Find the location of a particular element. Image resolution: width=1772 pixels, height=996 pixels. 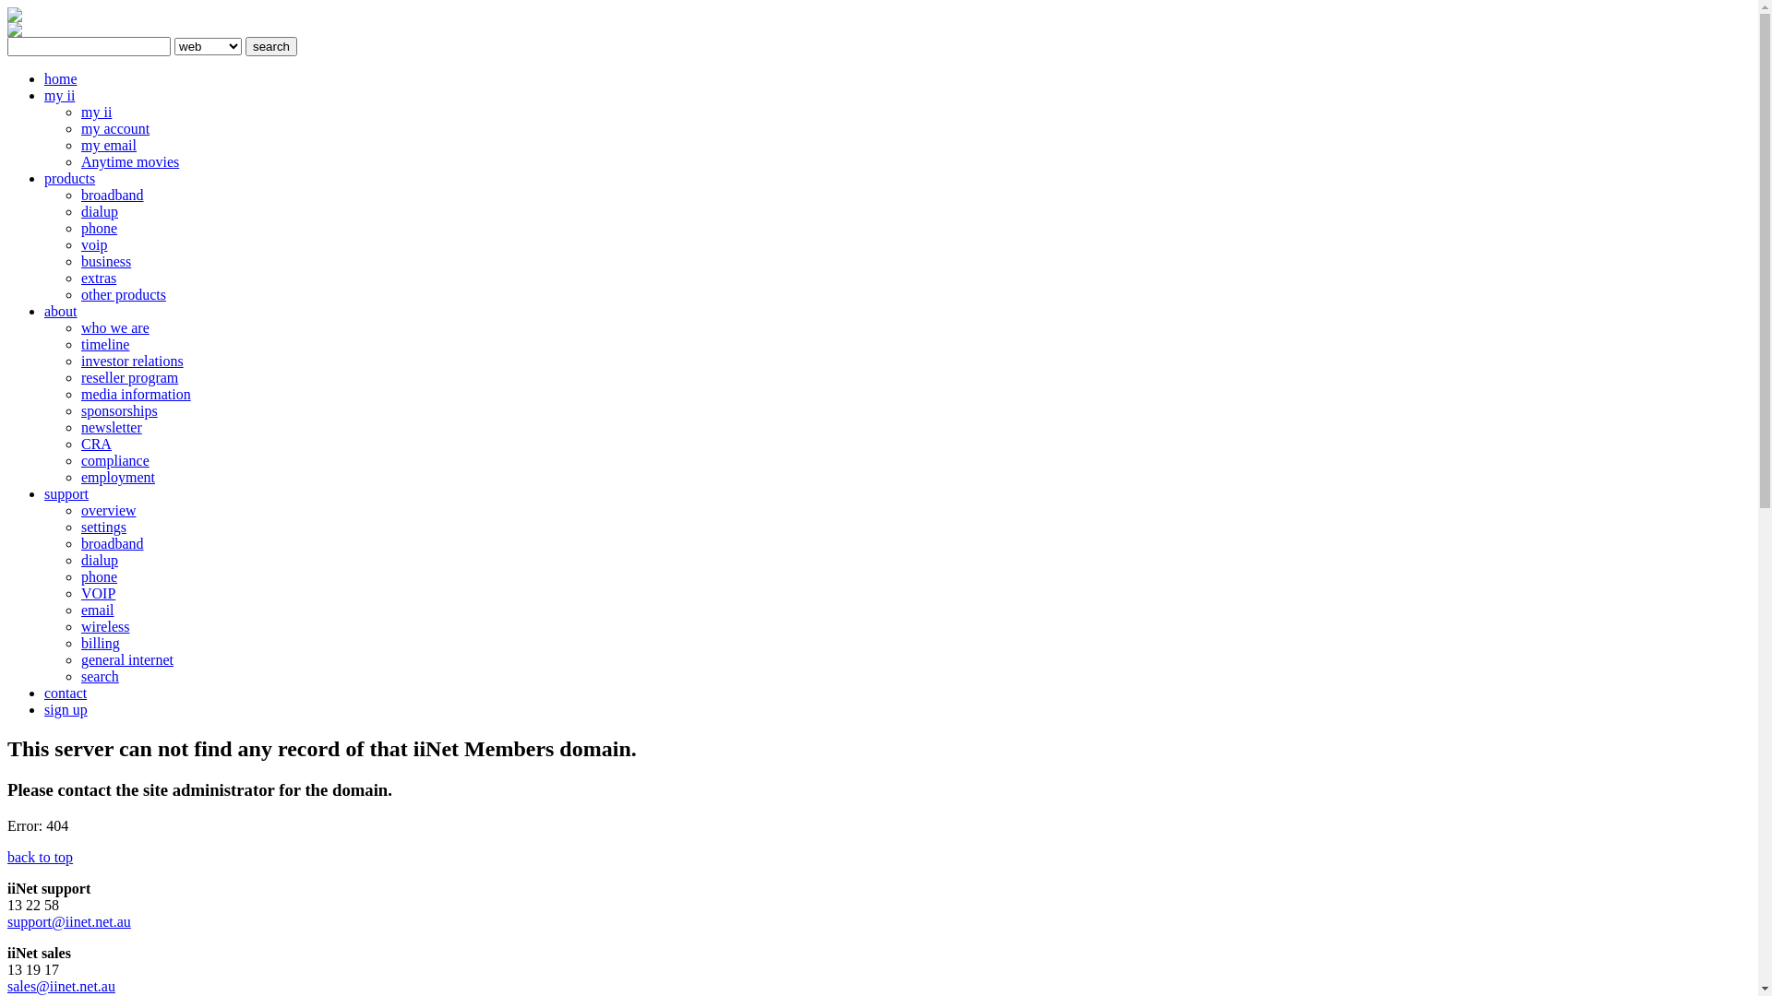

'email' is located at coordinates (96, 610).